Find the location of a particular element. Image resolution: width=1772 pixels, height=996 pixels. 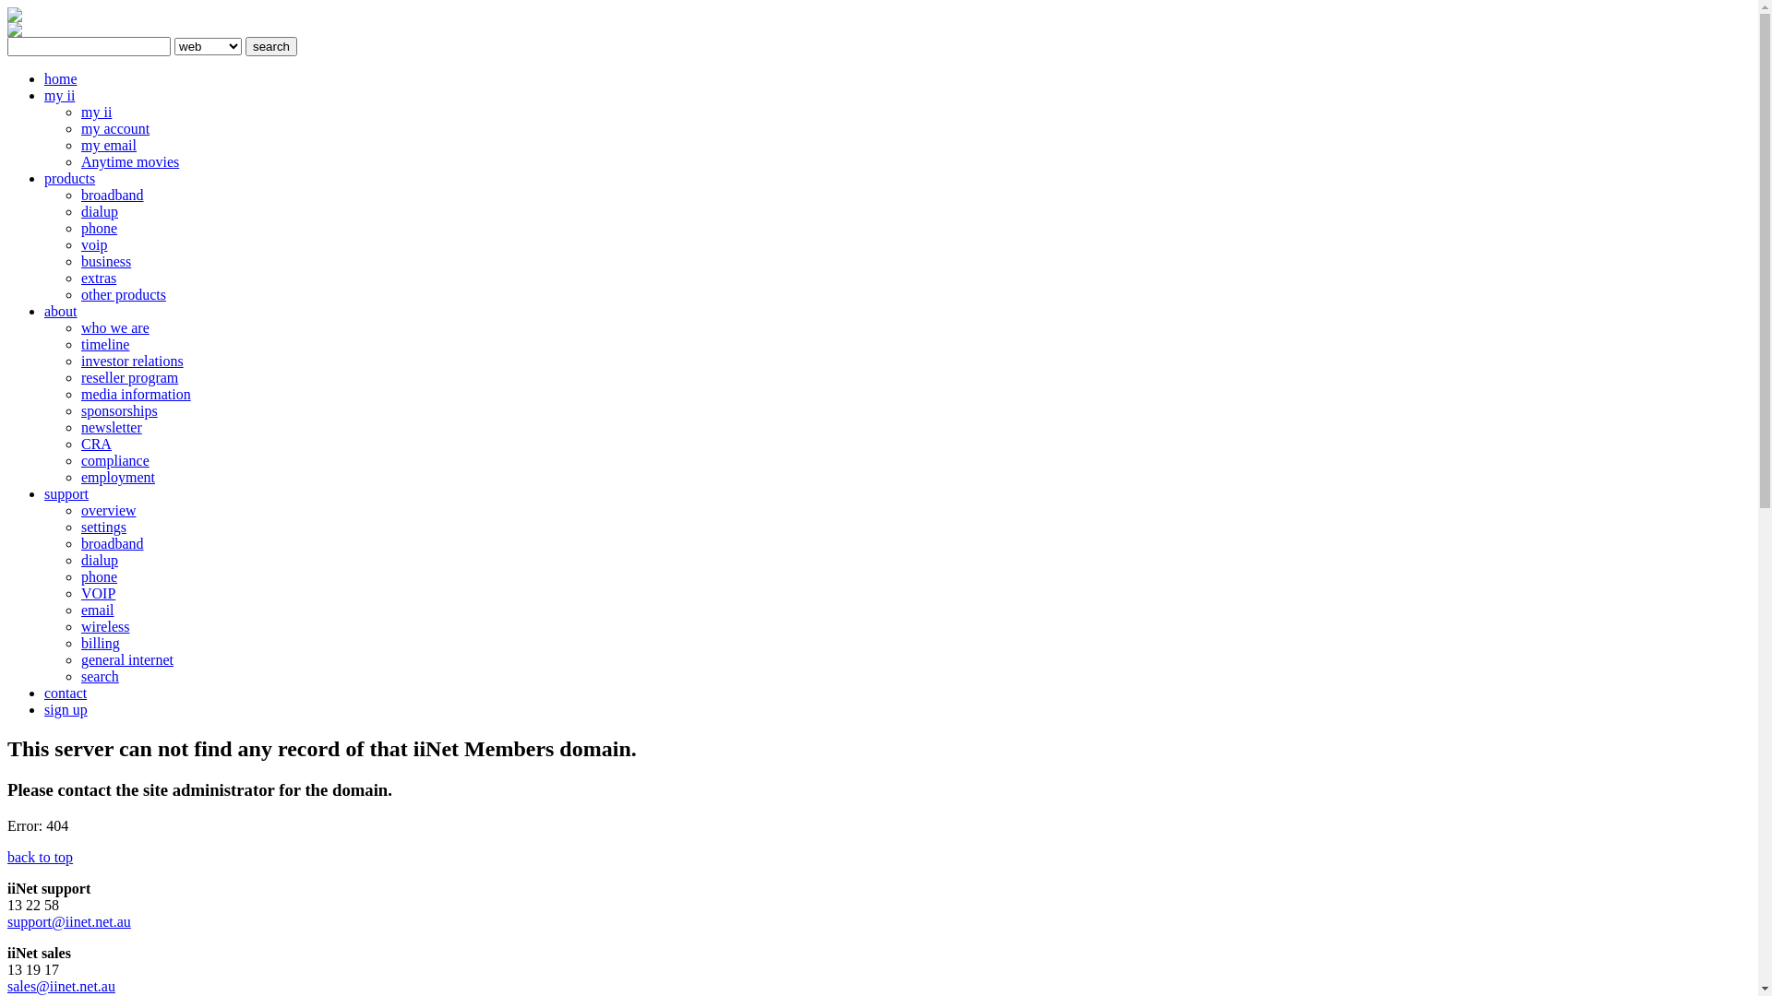

'email' is located at coordinates (96, 610).